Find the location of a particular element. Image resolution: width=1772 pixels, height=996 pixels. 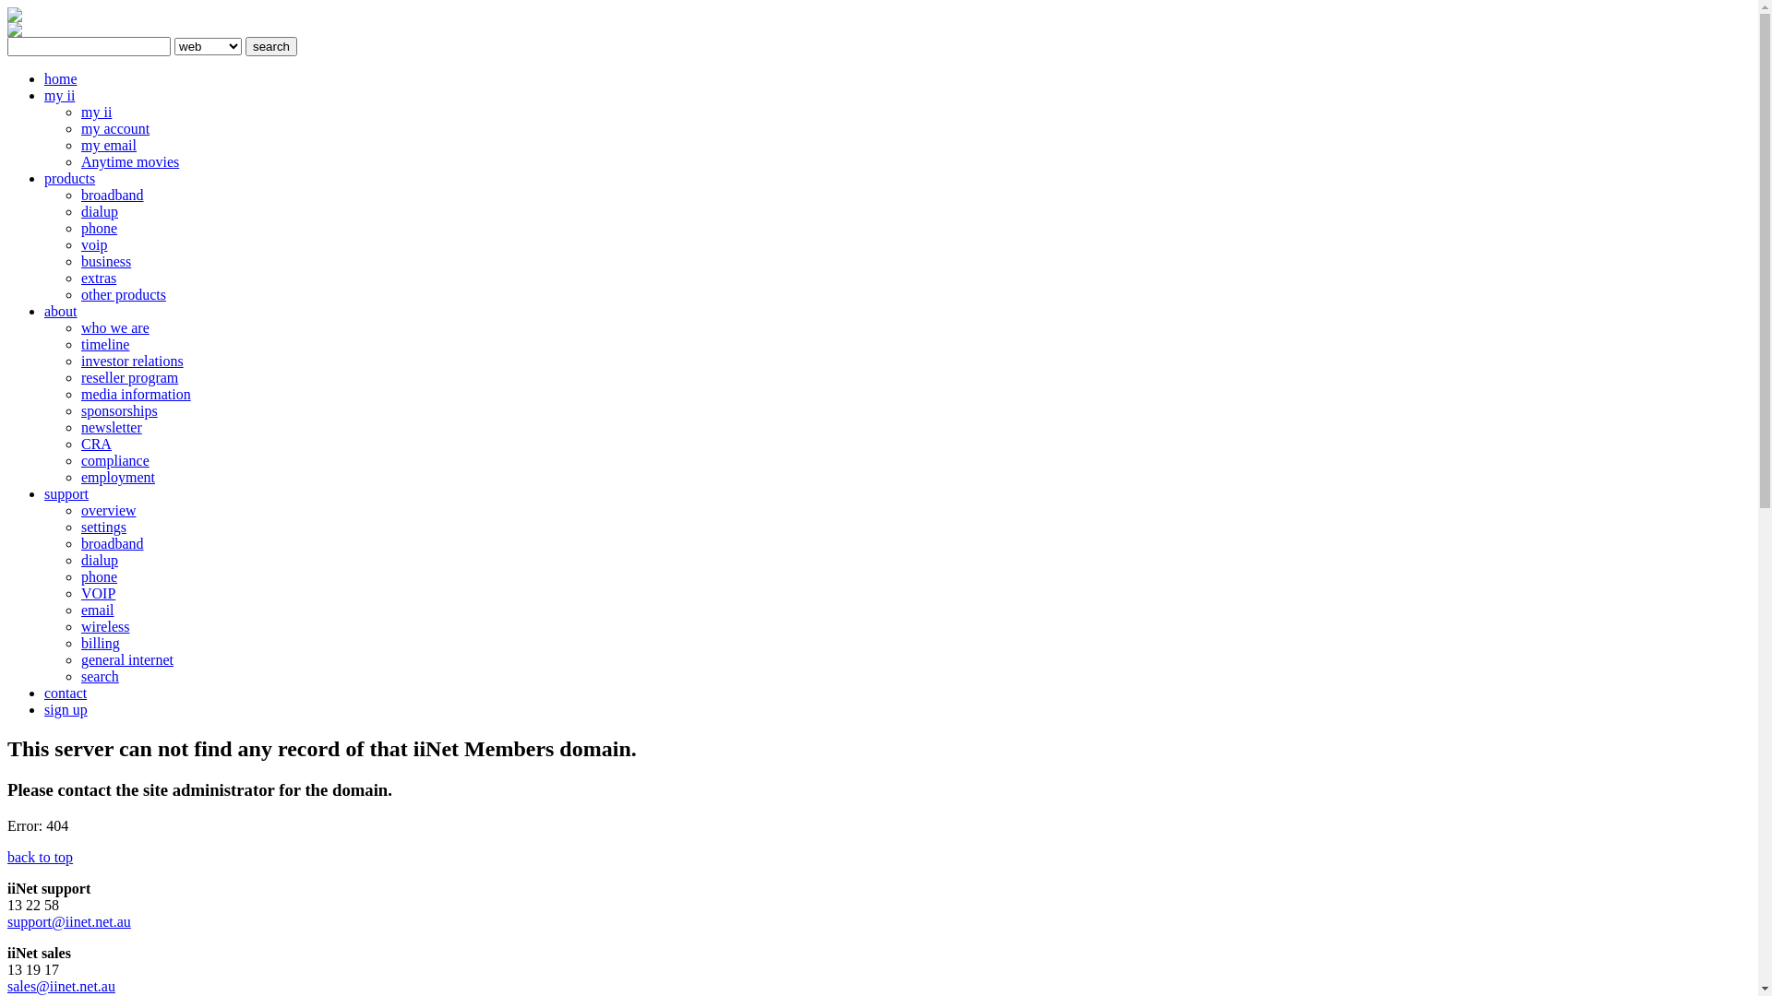

'email' is located at coordinates (96, 610).